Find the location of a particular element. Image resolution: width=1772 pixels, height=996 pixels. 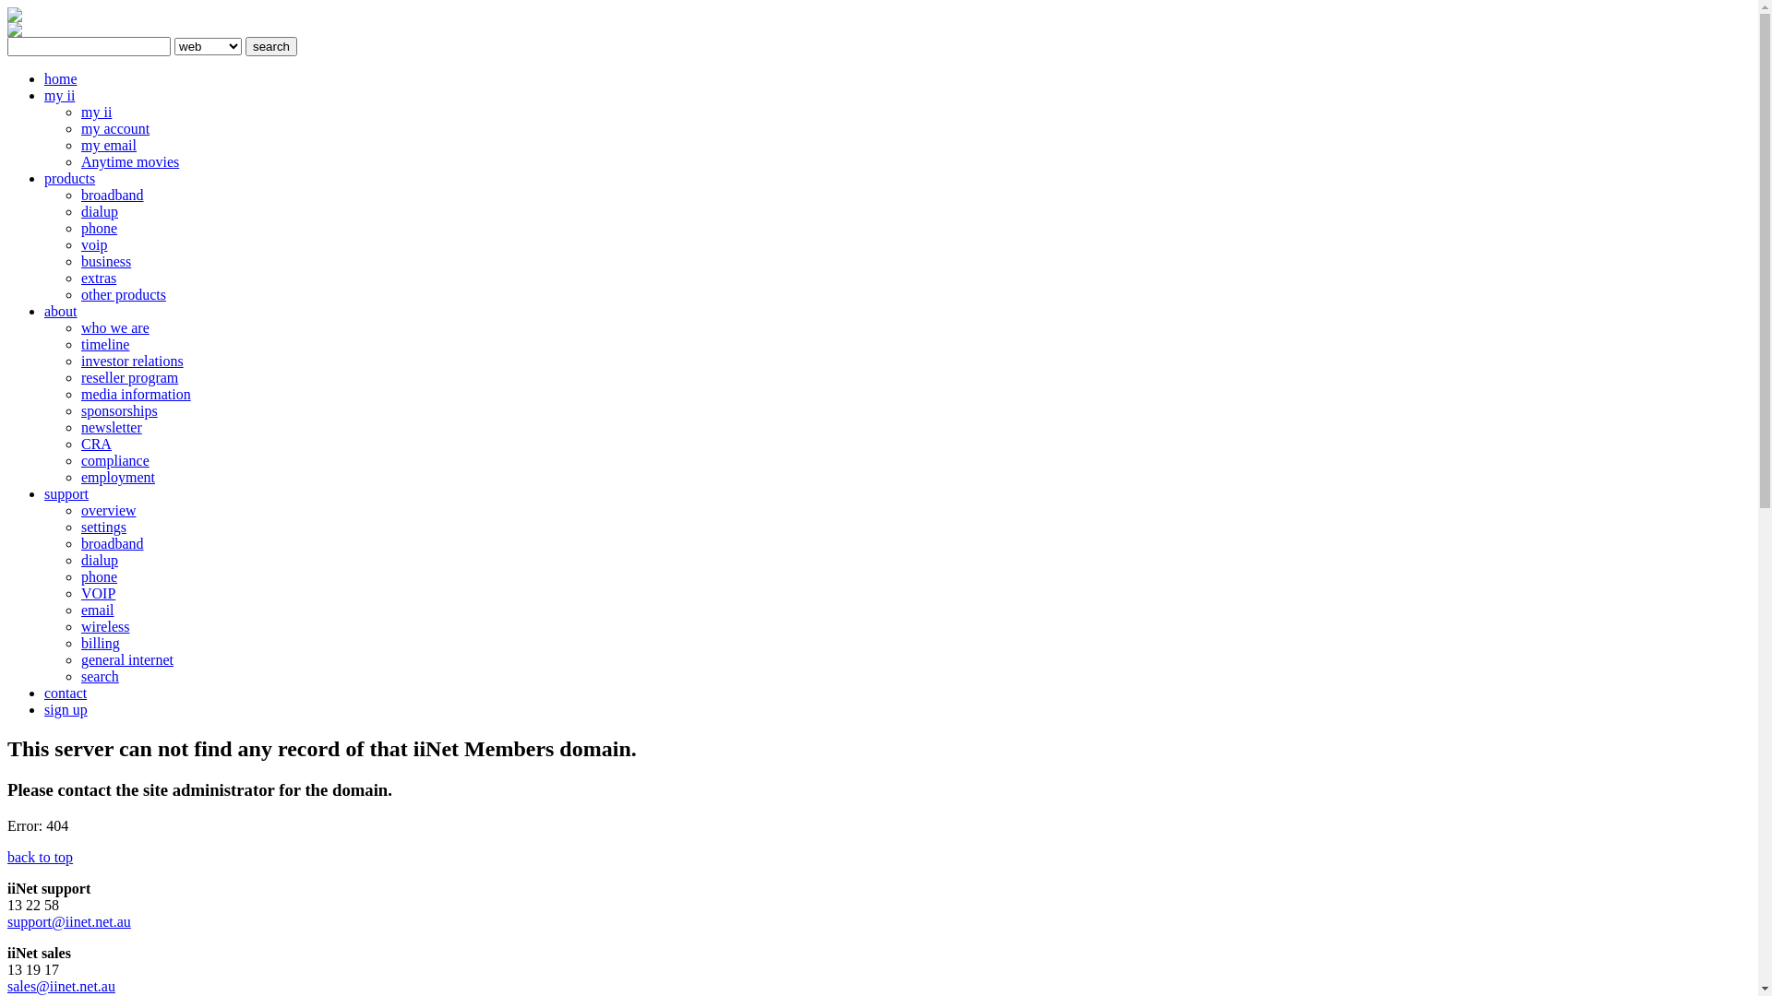

'email' is located at coordinates (96, 610).